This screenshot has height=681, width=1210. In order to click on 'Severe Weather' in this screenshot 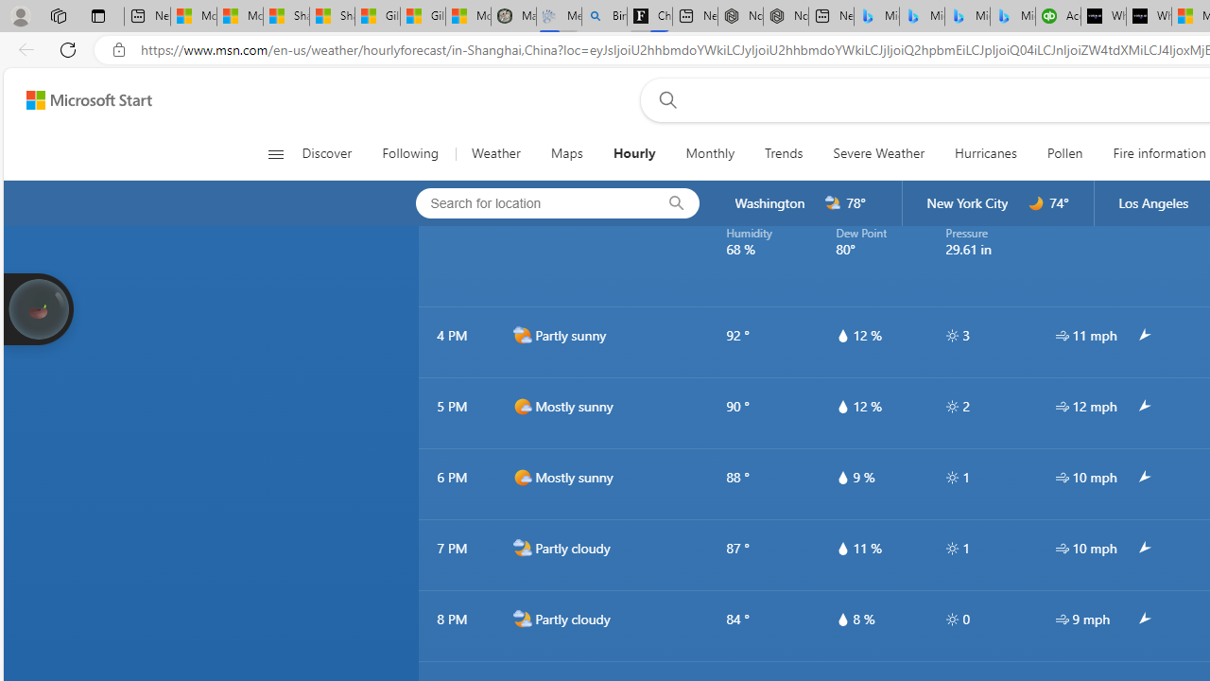, I will do `click(877, 153)`.